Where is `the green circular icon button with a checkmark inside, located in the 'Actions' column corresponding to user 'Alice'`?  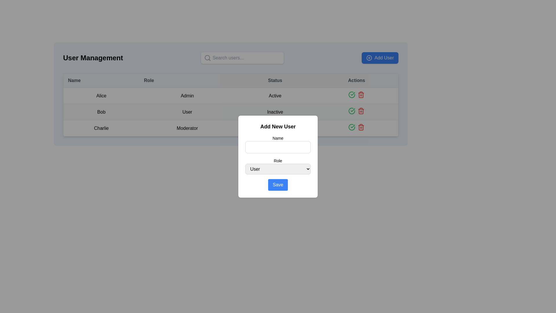
the green circular icon button with a checkmark inside, located in the 'Actions' column corresponding to user 'Alice' is located at coordinates (352, 94).